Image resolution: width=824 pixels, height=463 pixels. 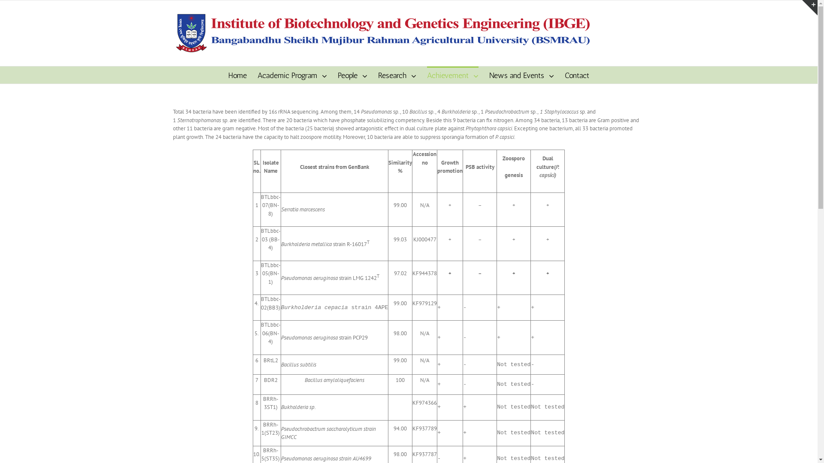 I want to click on 'Achievement', so click(x=452, y=74).